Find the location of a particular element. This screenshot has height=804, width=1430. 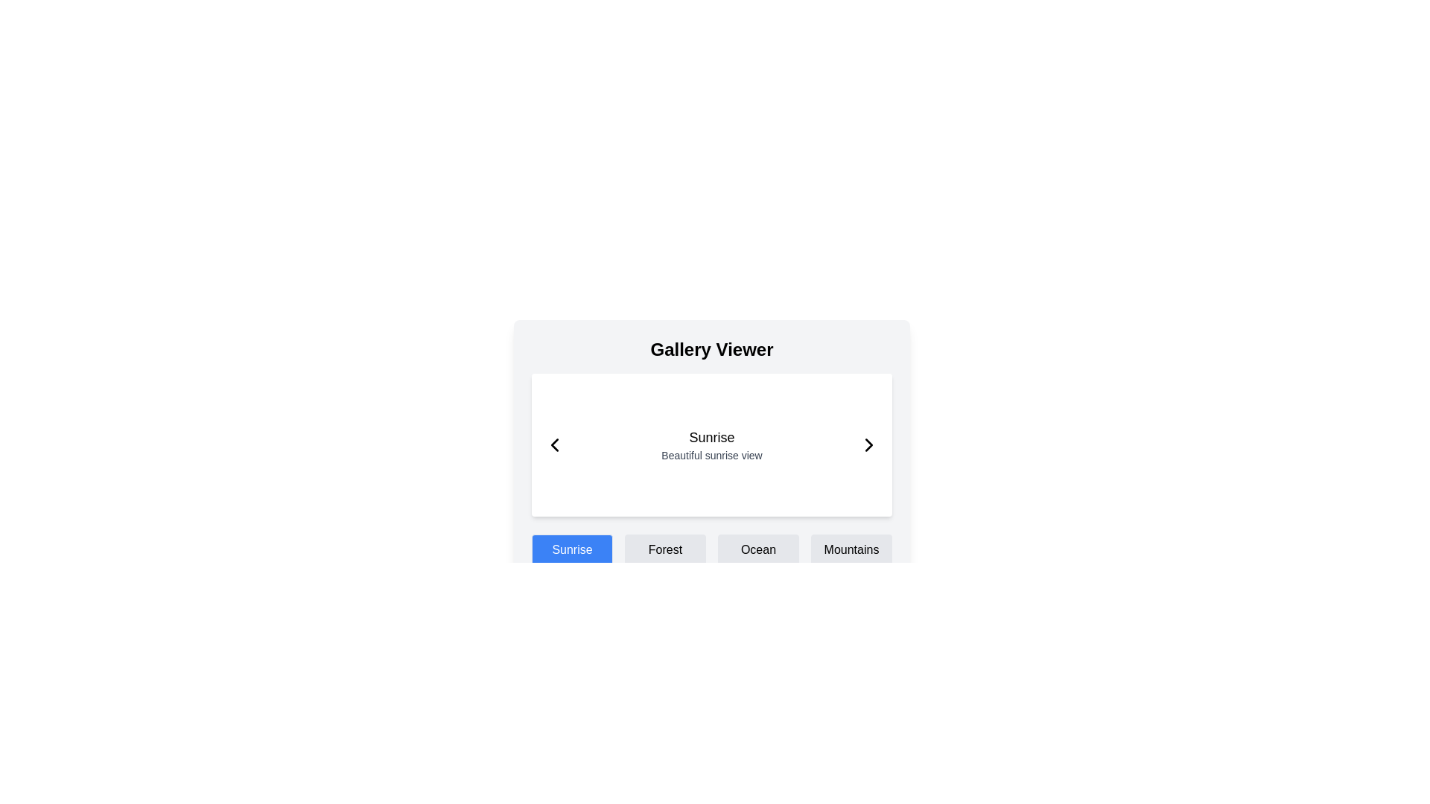

the 'Sunrise' text block, which consists of two lines of text centered within a white card, with the first line in bold and larger font, and the second line in smaller gray font is located at coordinates (711, 444).